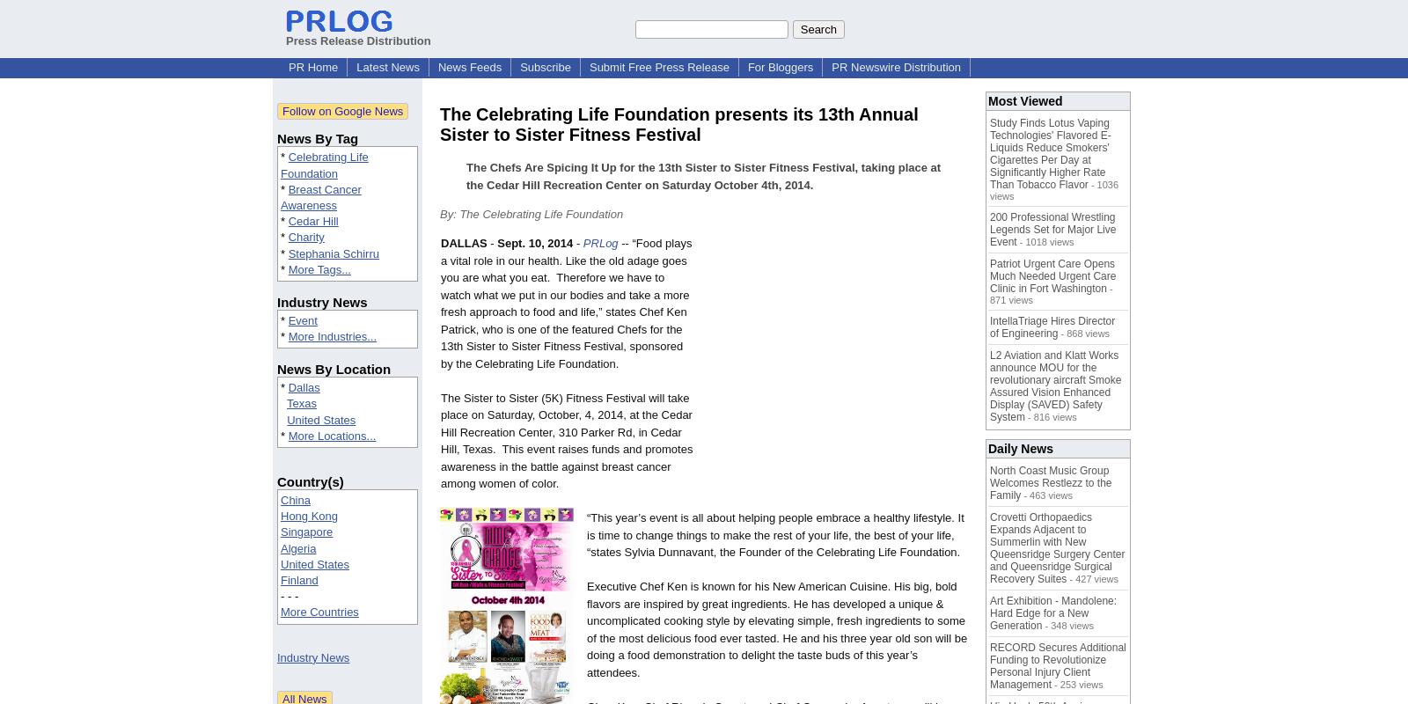 Image resolution: width=1408 pixels, height=704 pixels. What do you see at coordinates (277, 138) in the screenshot?
I see `'News By Tag'` at bounding box center [277, 138].